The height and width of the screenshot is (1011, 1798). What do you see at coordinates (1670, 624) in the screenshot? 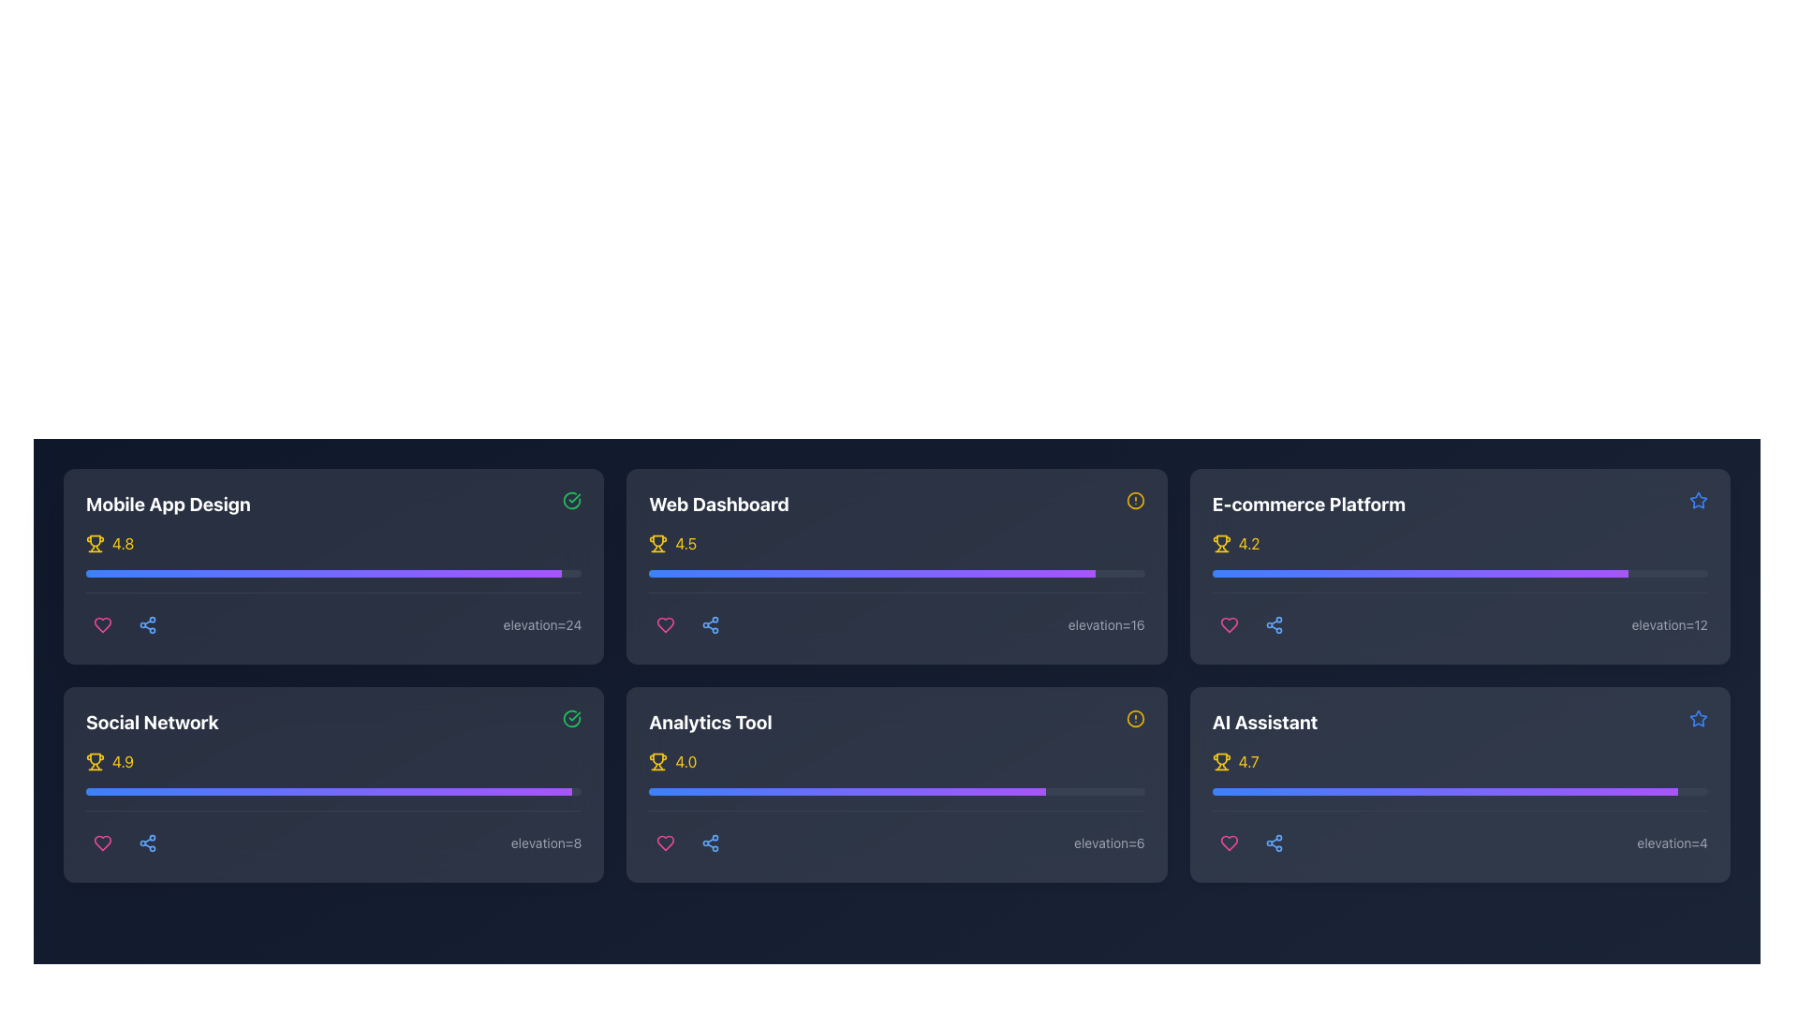
I see `the informational Text label displaying the elevation level in the E-commerce Platform section, located at the bottom-right corner of the card` at bounding box center [1670, 624].